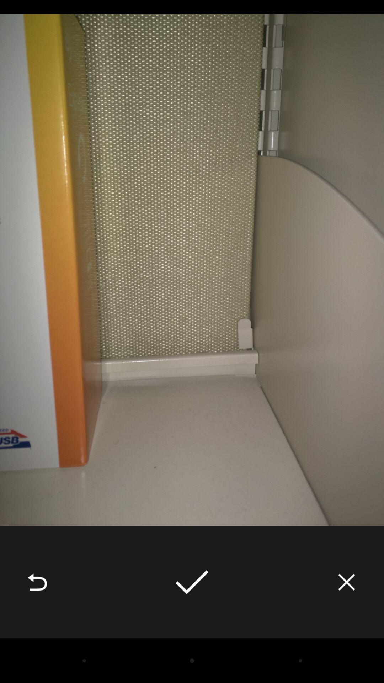 This screenshot has width=384, height=683. I want to click on the icon at the bottom right corner, so click(346, 582).